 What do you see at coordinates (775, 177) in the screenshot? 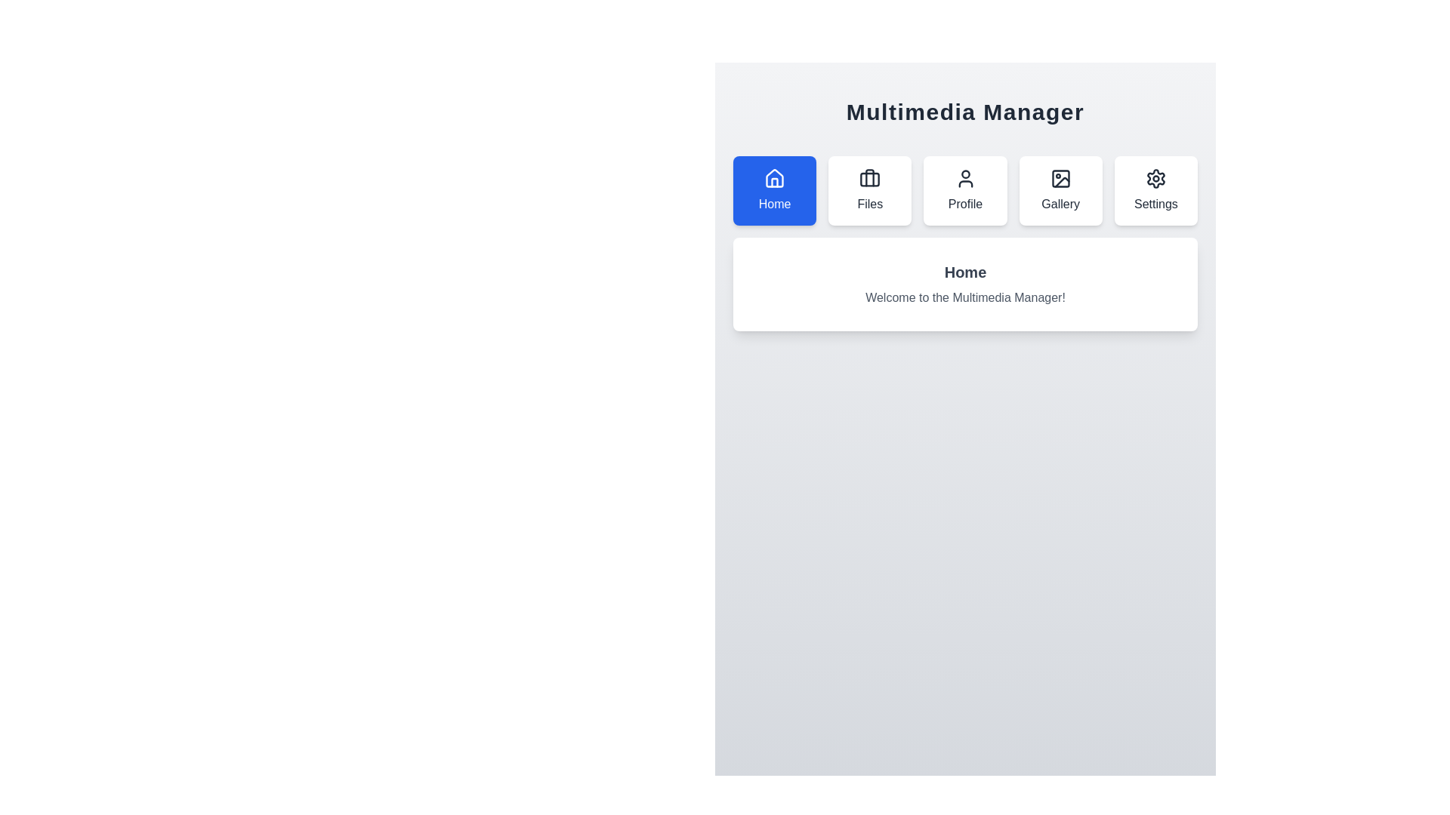
I see `the 'Home' icon located at the upper-left side of the navigation bar` at bounding box center [775, 177].